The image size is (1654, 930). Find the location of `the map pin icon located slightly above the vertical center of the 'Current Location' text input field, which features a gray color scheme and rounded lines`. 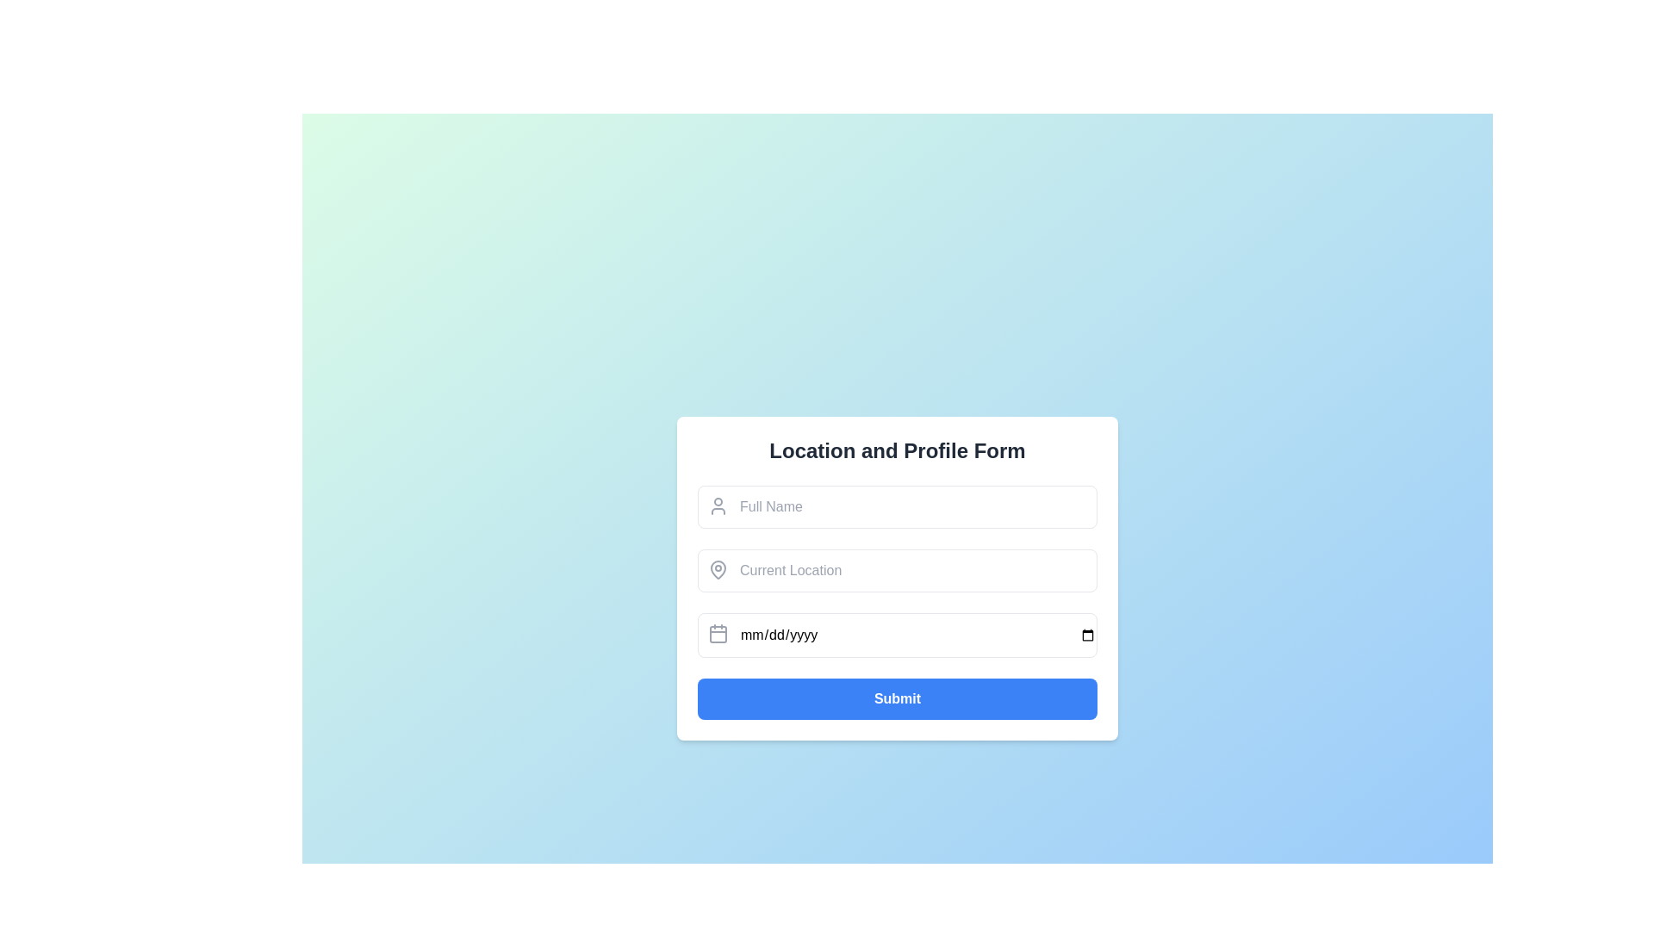

the map pin icon located slightly above the vertical center of the 'Current Location' text input field, which features a gray color scheme and rounded lines is located at coordinates (718, 570).